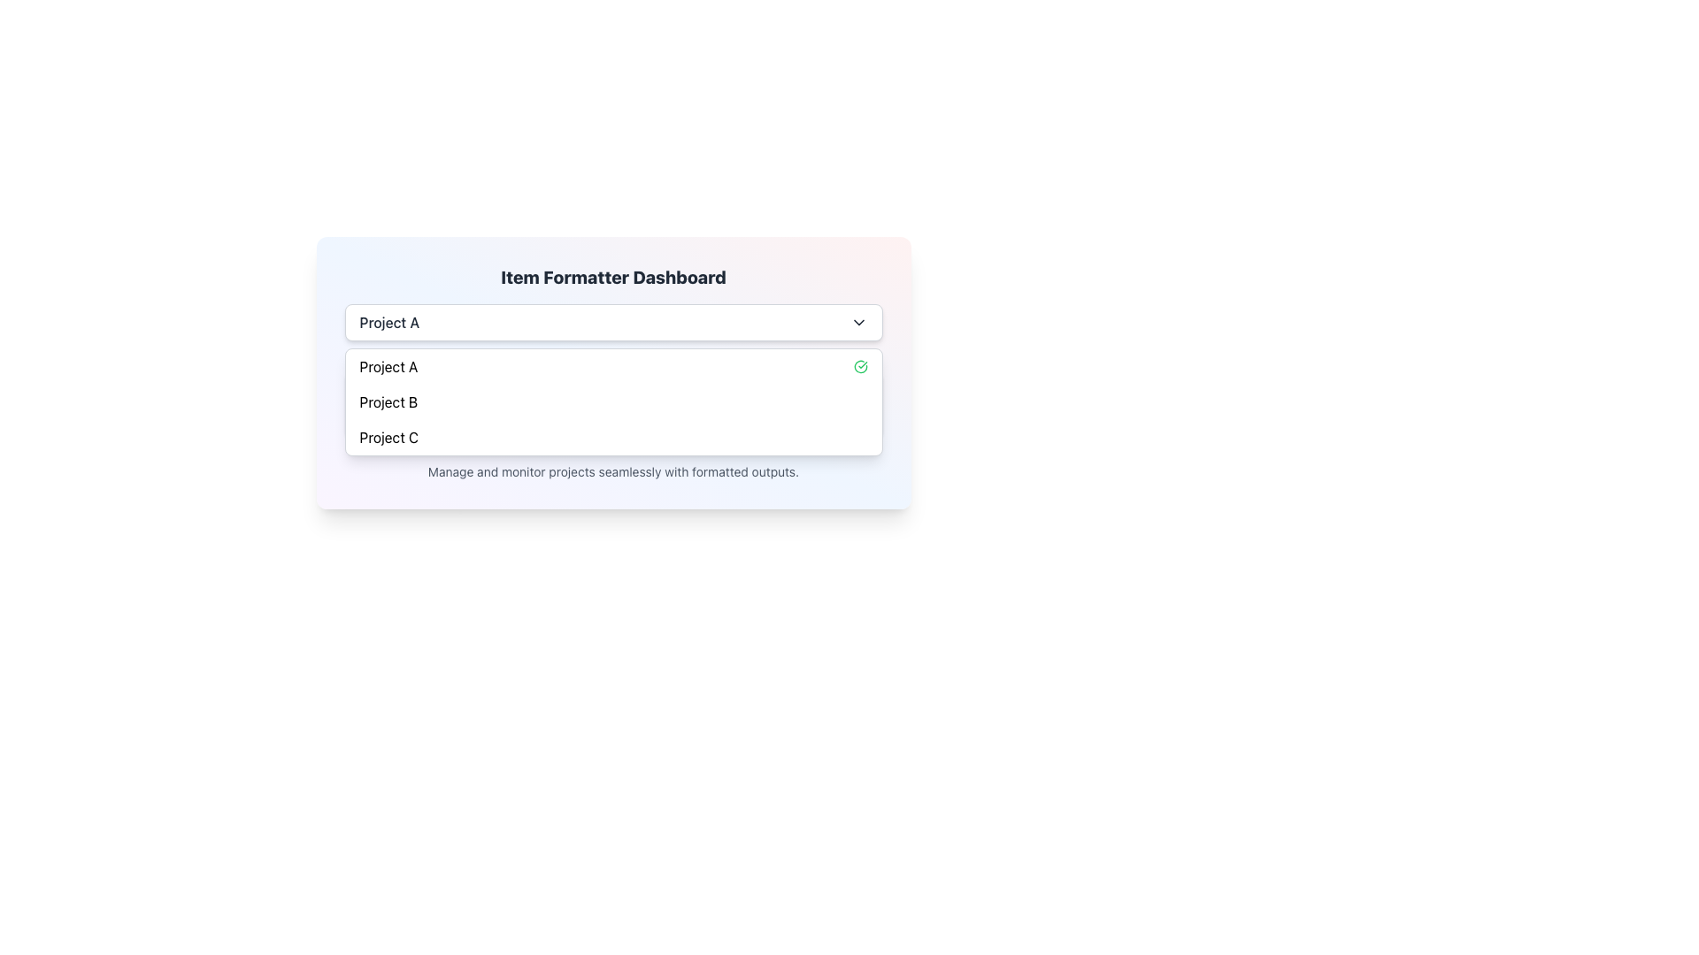 The width and height of the screenshot is (1699, 955). I want to click on the dropdown menu item labeled 'Project C', so click(388, 437).